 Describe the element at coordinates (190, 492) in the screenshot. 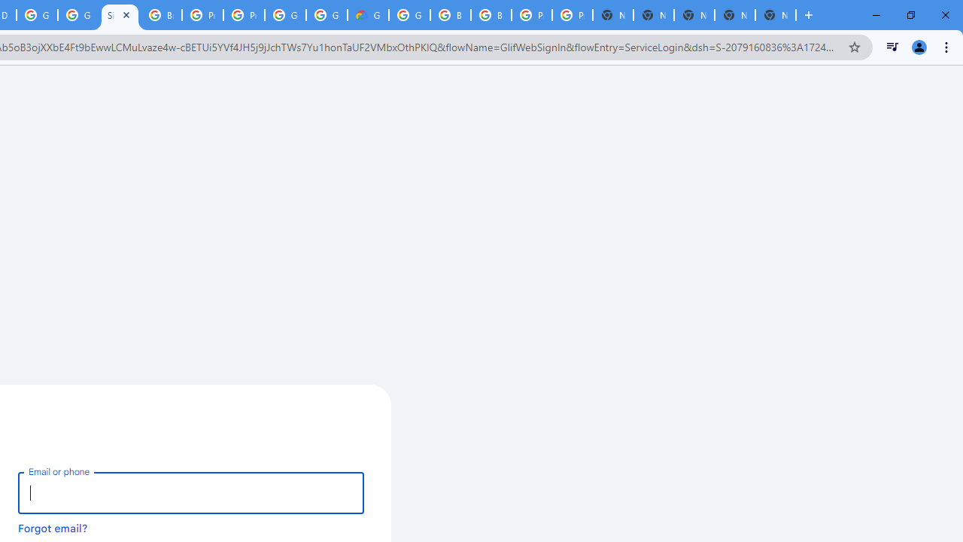

I see `'Email or phone'` at that location.